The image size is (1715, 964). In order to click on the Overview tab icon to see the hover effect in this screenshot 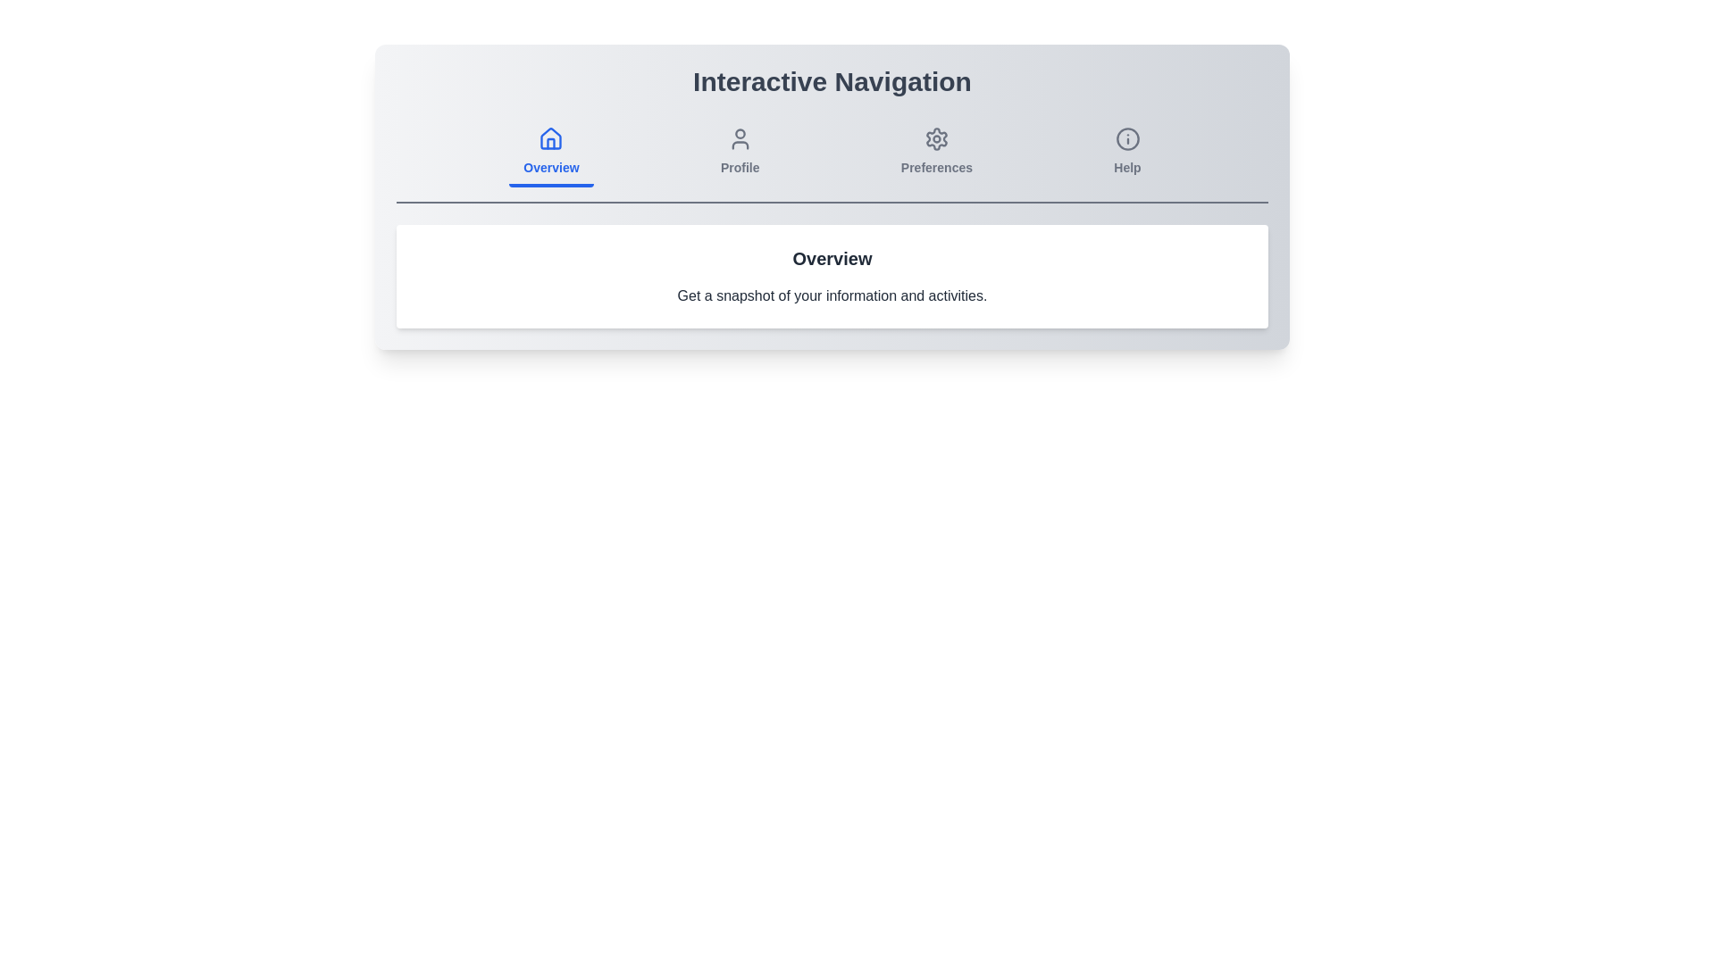, I will do `click(550, 153)`.